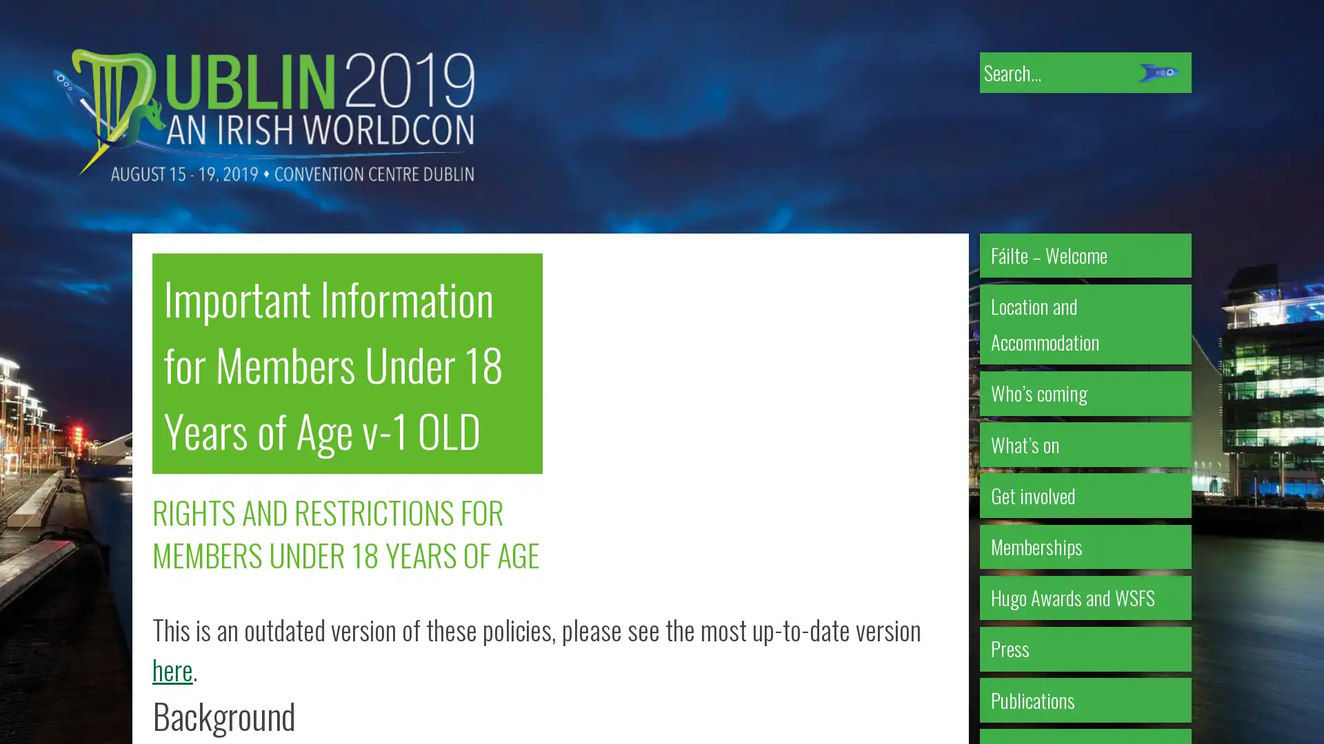 This screenshot has height=744, width=1324. Describe the element at coordinates (1158, 73) in the screenshot. I see `Submit` at that location.